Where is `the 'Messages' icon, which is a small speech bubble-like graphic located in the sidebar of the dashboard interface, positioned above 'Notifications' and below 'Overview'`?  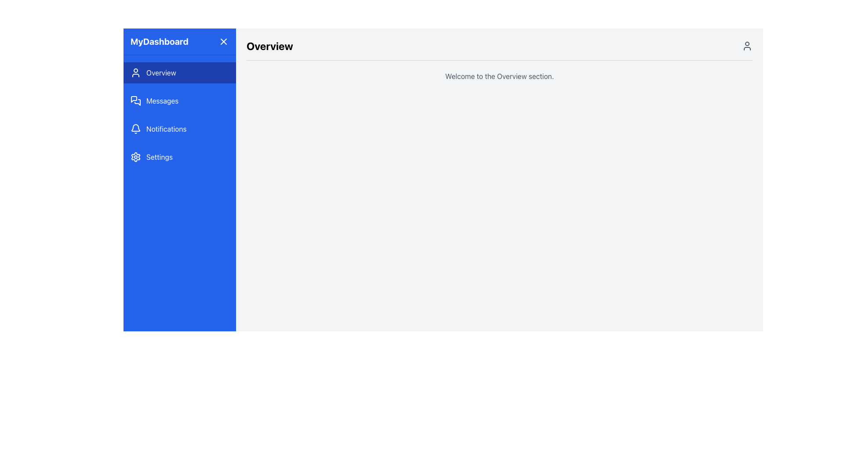 the 'Messages' icon, which is a small speech bubble-like graphic located in the sidebar of the dashboard interface, positioned above 'Notifications' and below 'Overview' is located at coordinates (134, 99).